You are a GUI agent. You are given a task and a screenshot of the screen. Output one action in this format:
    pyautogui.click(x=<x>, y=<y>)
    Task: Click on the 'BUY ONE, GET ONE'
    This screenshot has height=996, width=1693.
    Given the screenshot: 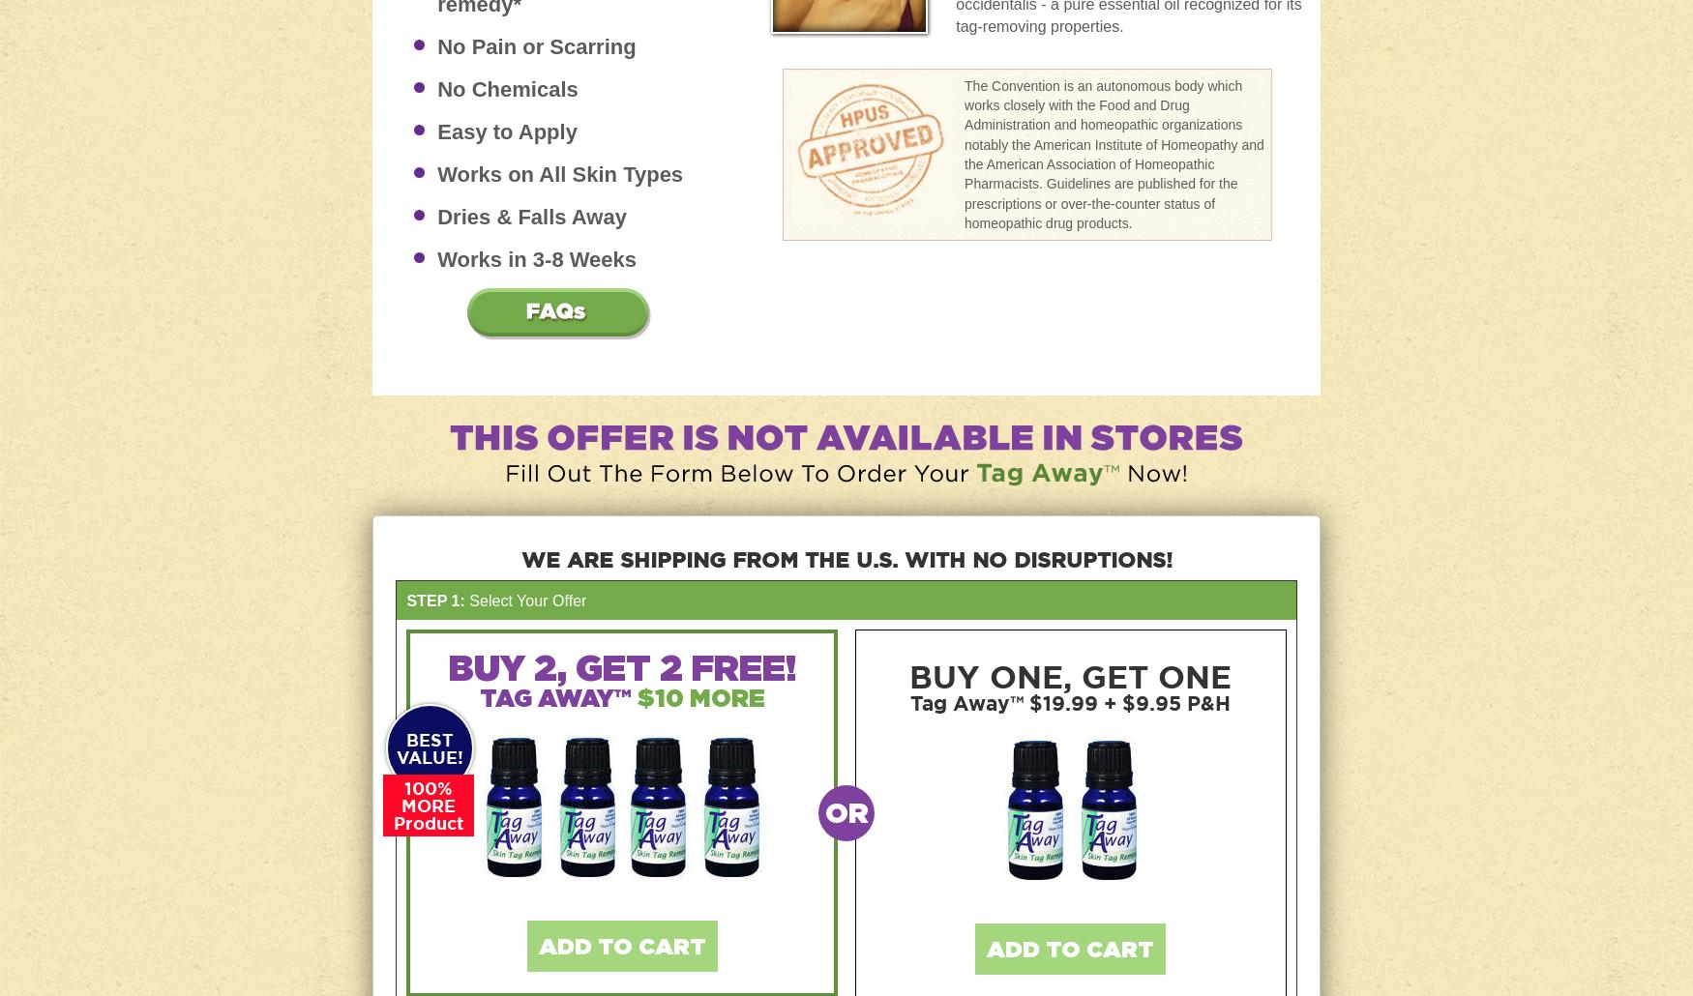 What is the action you would take?
    pyautogui.click(x=1070, y=676)
    